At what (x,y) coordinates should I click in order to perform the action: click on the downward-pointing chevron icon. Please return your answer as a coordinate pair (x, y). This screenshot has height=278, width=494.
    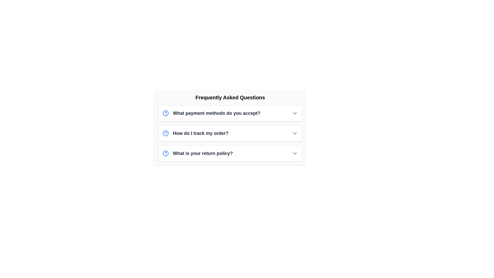
    Looking at the image, I should click on (295, 133).